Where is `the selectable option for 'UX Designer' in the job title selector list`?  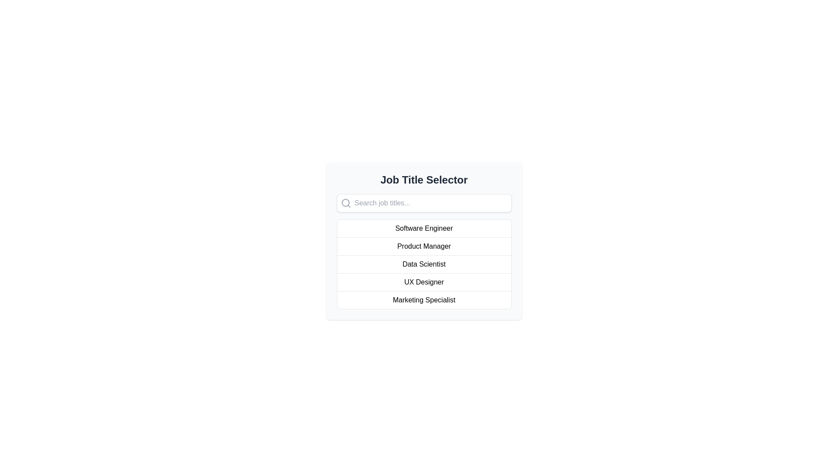
the selectable option for 'UX Designer' in the job title selector list is located at coordinates (424, 282).